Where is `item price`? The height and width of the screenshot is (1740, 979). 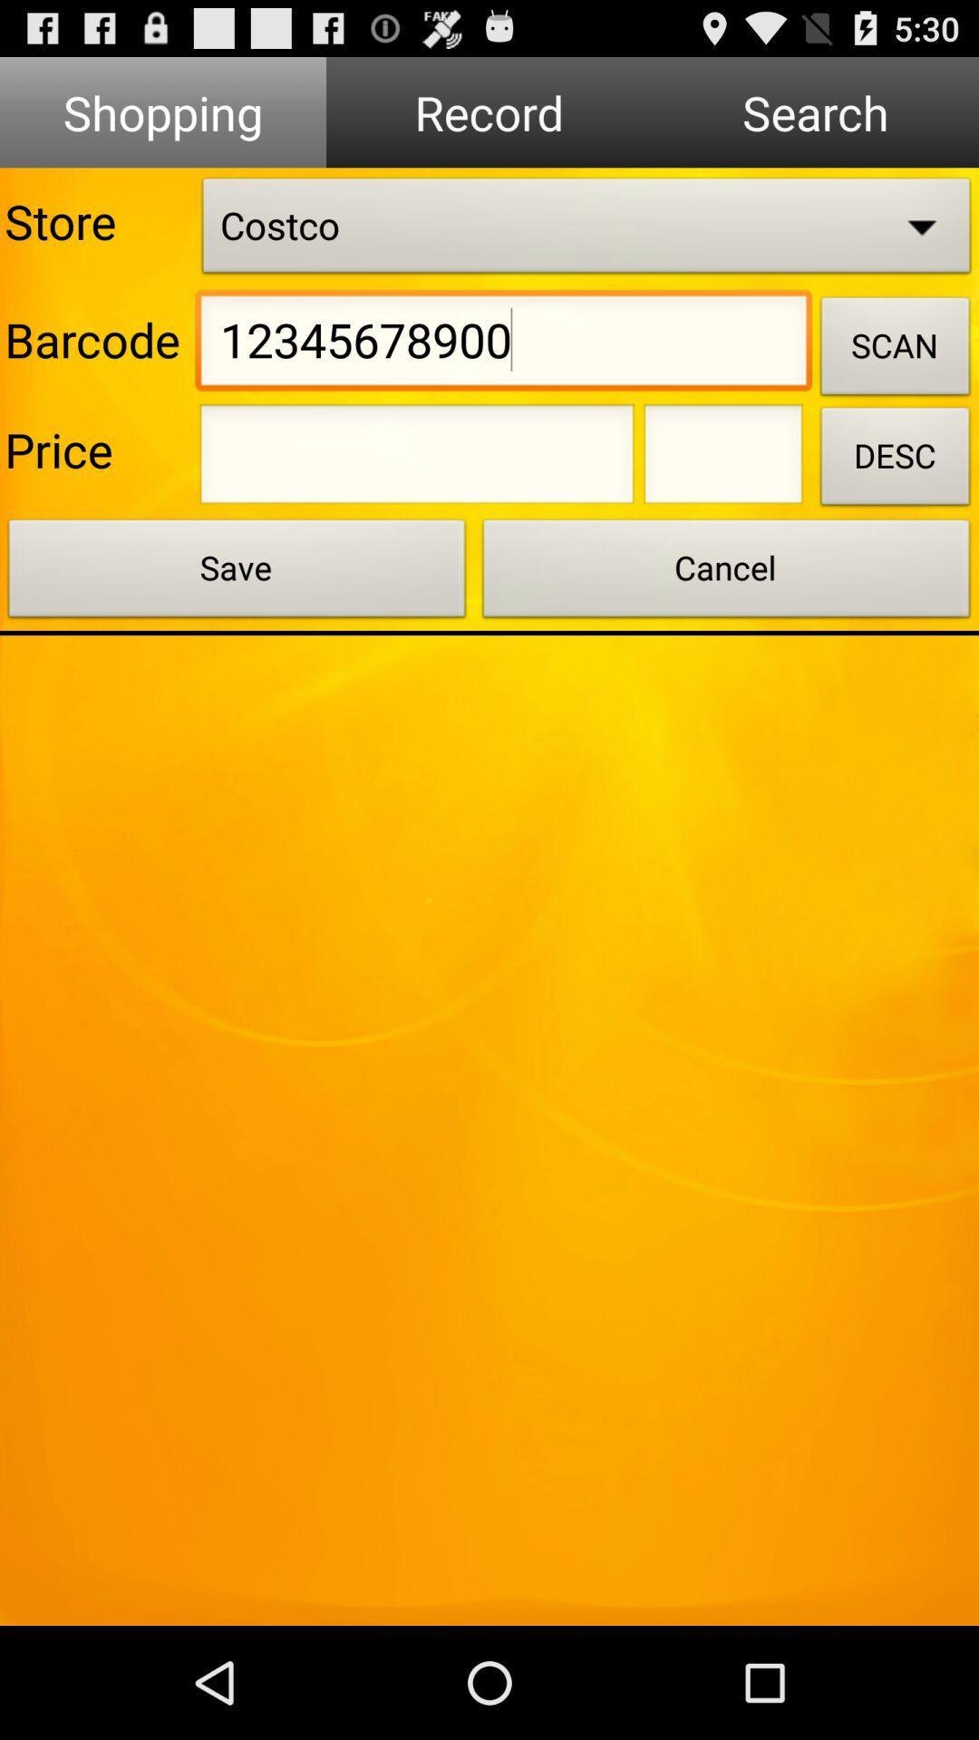 item price is located at coordinates (722, 459).